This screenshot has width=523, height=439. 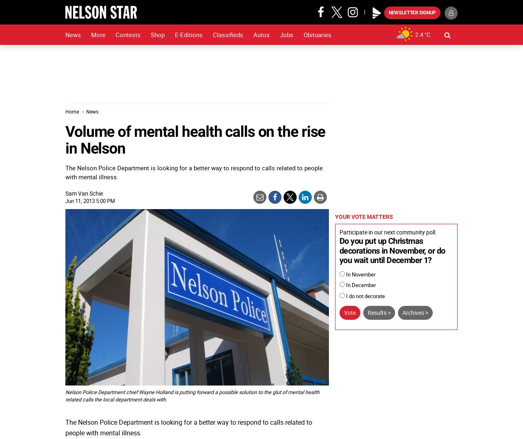 What do you see at coordinates (379, 312) in the screenshot?
I see `'Results >'` at bounding box center [379, 312].